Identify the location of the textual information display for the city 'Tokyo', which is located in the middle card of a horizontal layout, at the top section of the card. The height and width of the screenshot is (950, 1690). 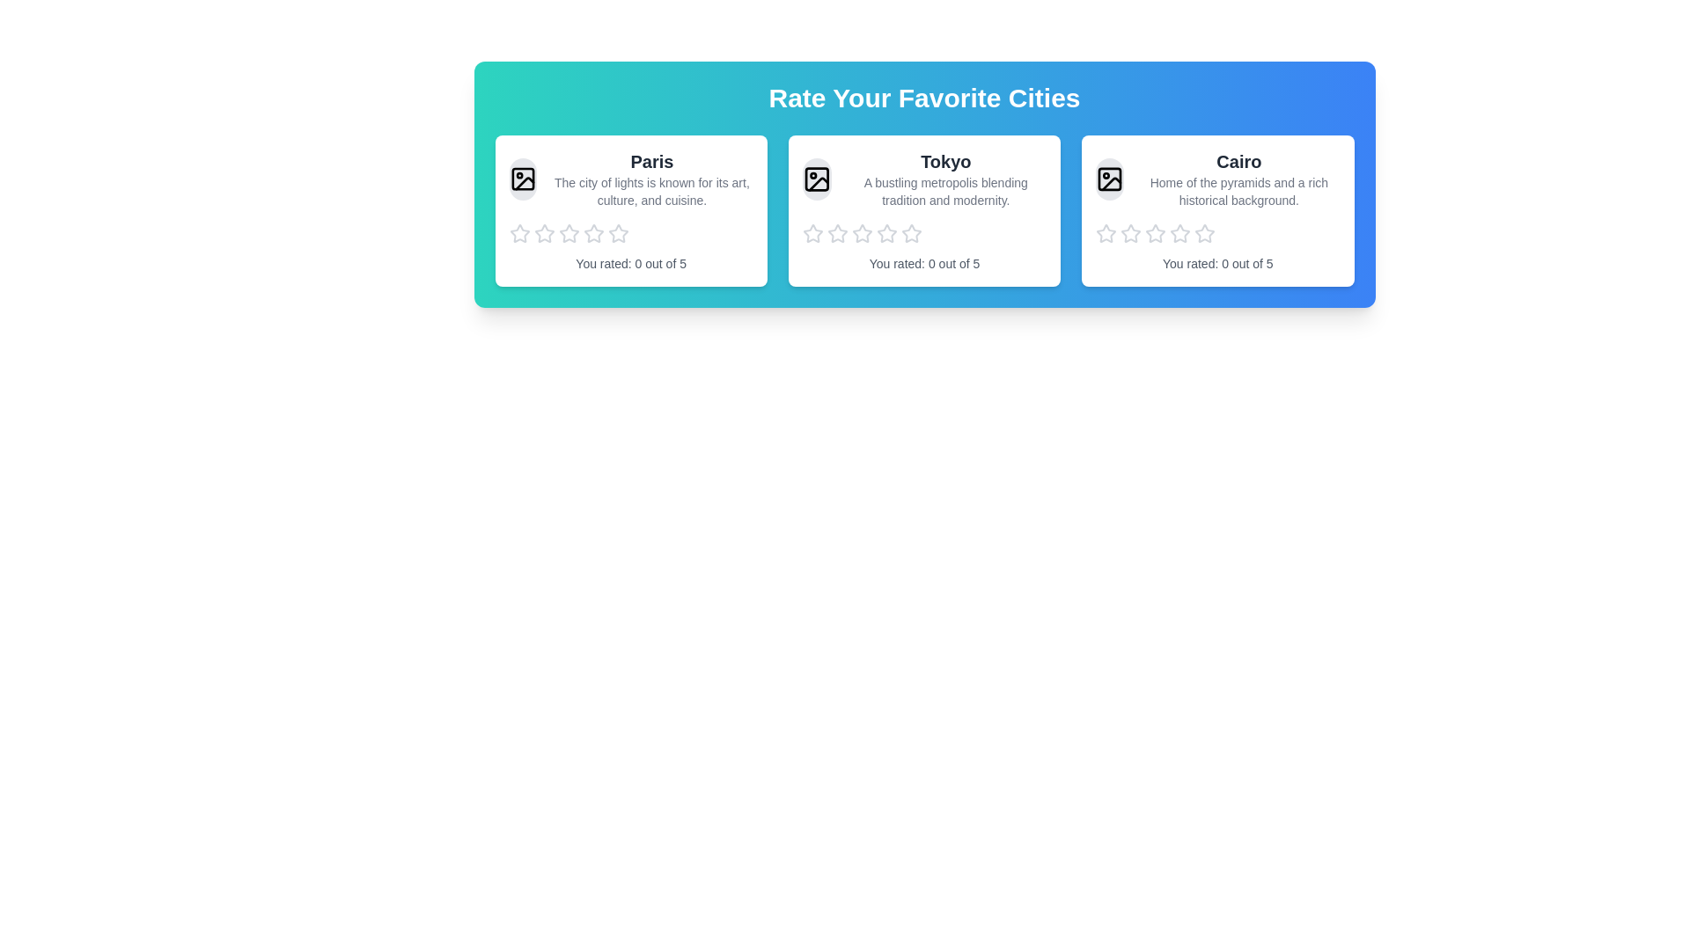
(923, 179).